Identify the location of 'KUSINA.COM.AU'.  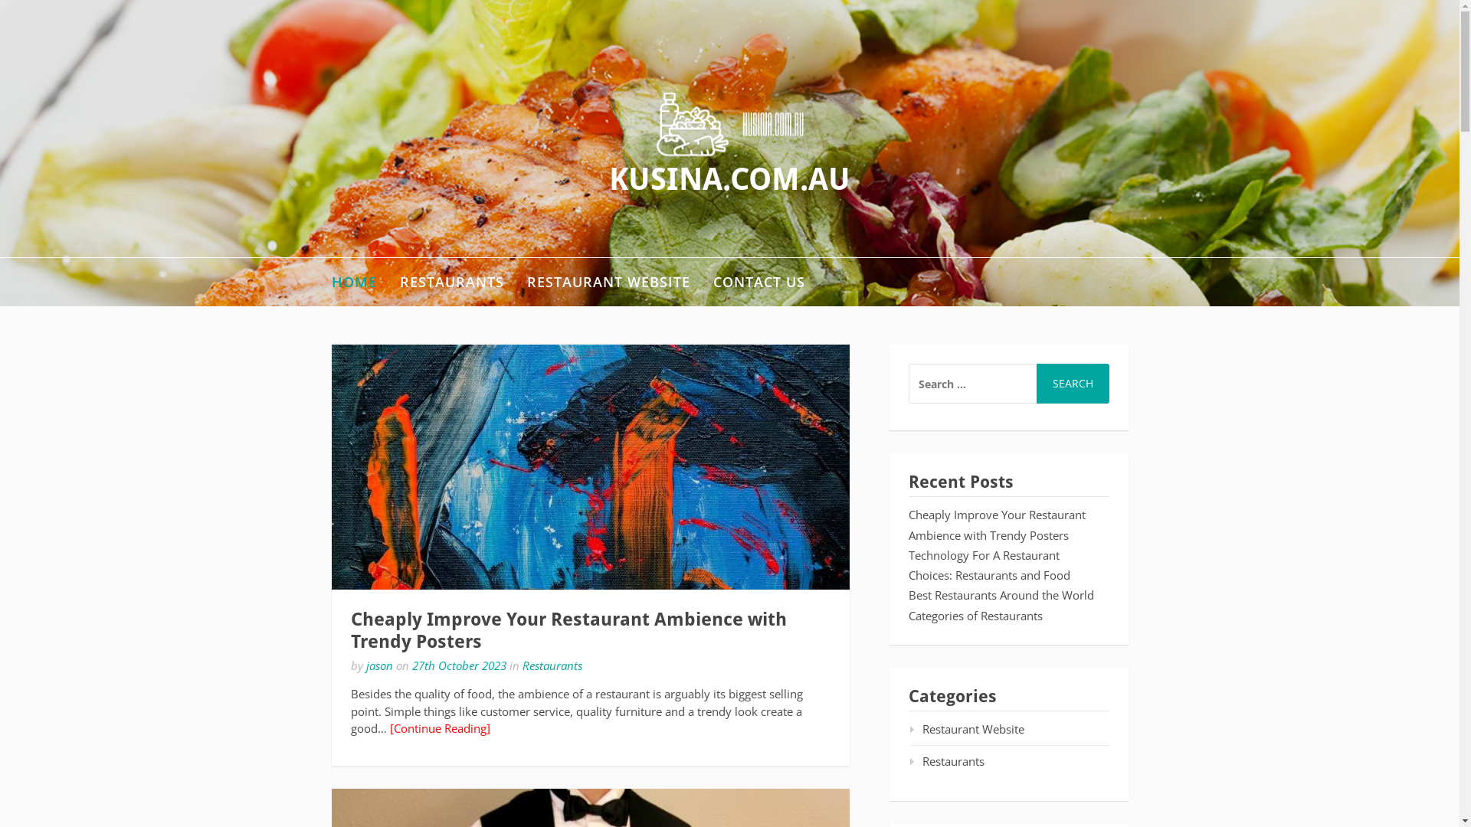
(729, 178).